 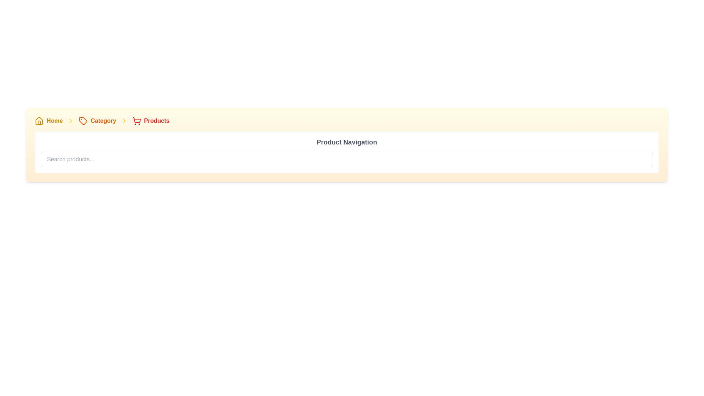 What do you see at coordinates (83, 121) in the screenshot?
I see `the icon representing the 'Category' navigation item located` at bounding box center [83, 121].